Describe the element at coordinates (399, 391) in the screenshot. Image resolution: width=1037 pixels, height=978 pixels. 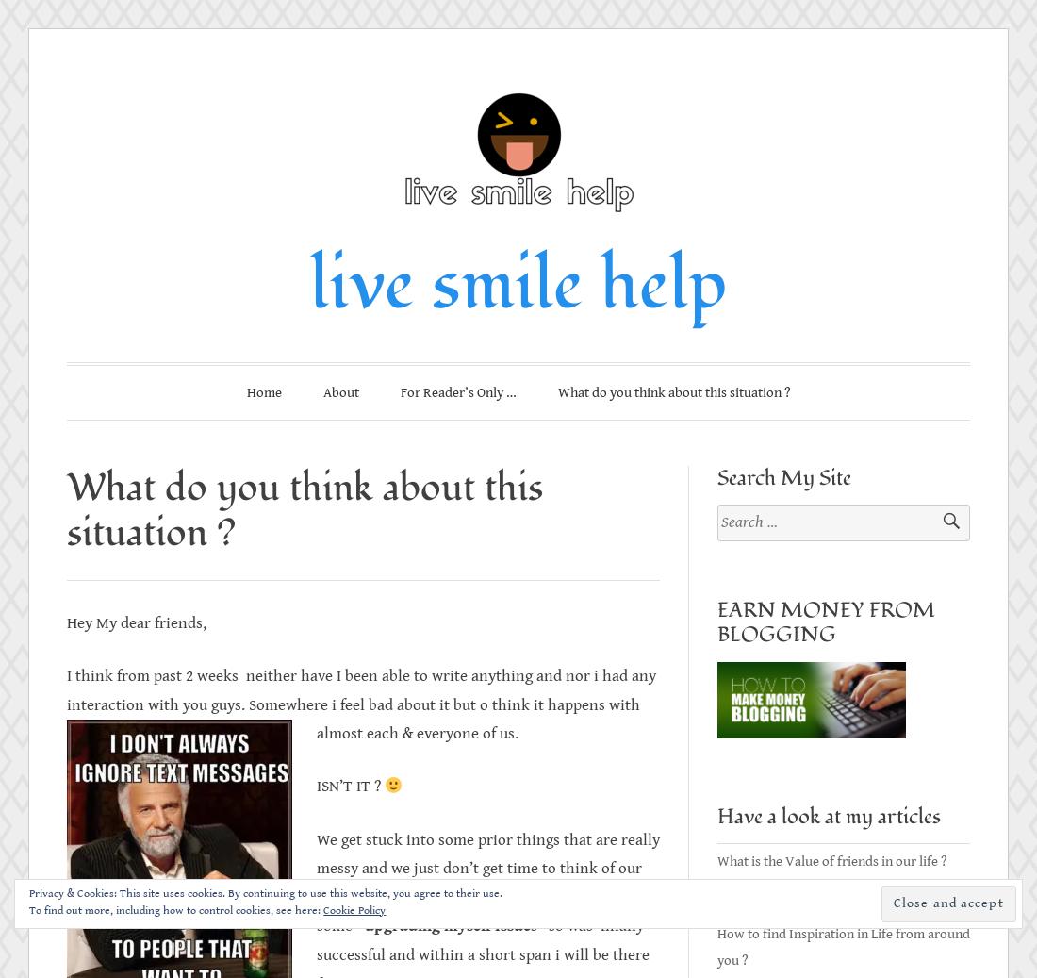
I see `'For Reader’s Only …'` at that location.